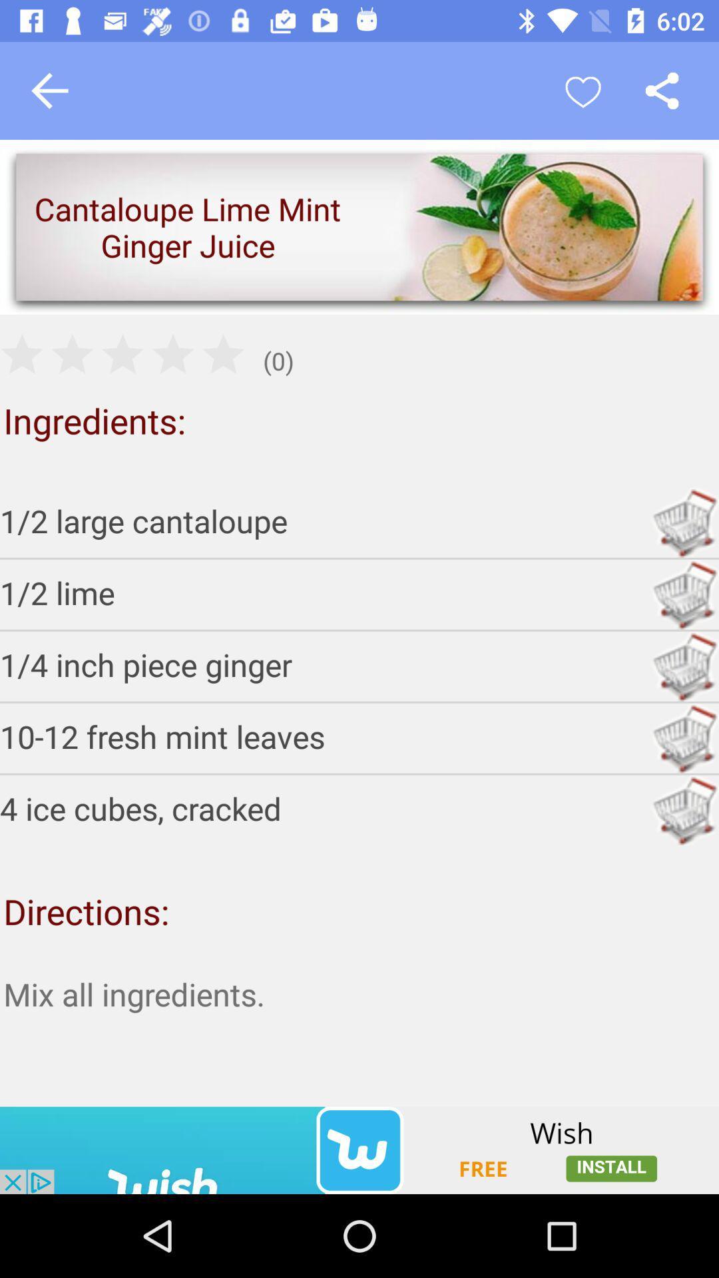 This screenshot has height=1278, width=719. What do you see at coordinates (359, 1150) in the screenshot?
I see `advertisement` at bounding box center [359, 1150].